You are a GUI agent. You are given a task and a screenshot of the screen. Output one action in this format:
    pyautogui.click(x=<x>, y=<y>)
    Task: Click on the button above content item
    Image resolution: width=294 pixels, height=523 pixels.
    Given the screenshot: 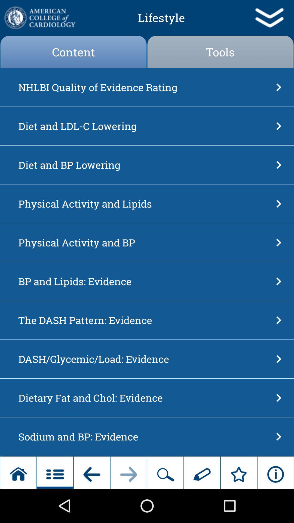 What is the action you would take?
    pyautogui.click(x=39, y=18)
    